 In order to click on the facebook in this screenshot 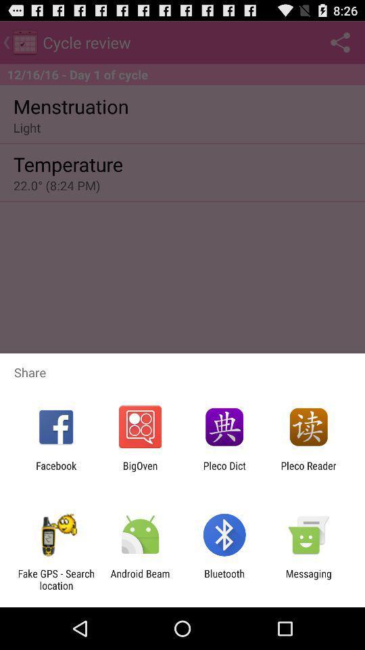, I will do `click(55, 471)`.